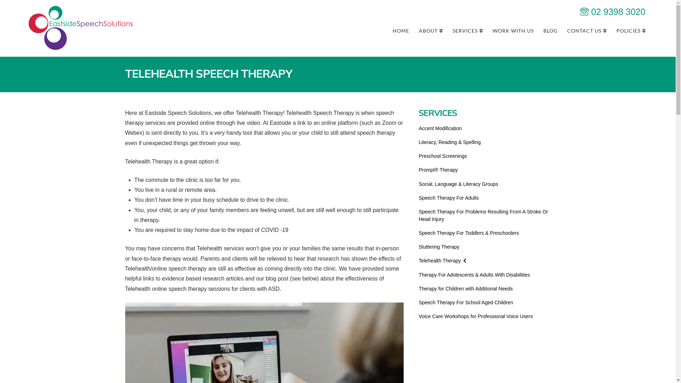 The image size is (681, 383). Describe the element at coordinates (466, 302) in the screenshot. I see `'Speech Therapy For School Aged Children'` at that location.